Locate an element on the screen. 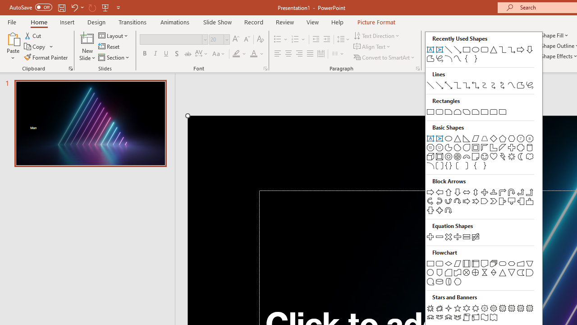  'Distributed' is located at coordinates (321, 54).